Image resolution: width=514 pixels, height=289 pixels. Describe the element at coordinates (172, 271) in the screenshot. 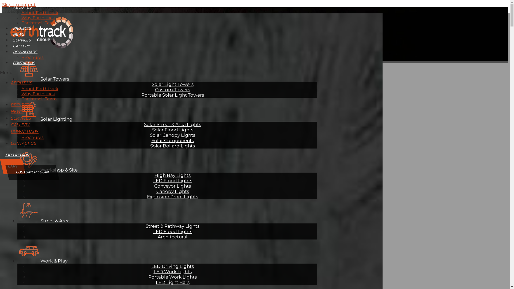

I see `'LED Work Lights'` at that location.